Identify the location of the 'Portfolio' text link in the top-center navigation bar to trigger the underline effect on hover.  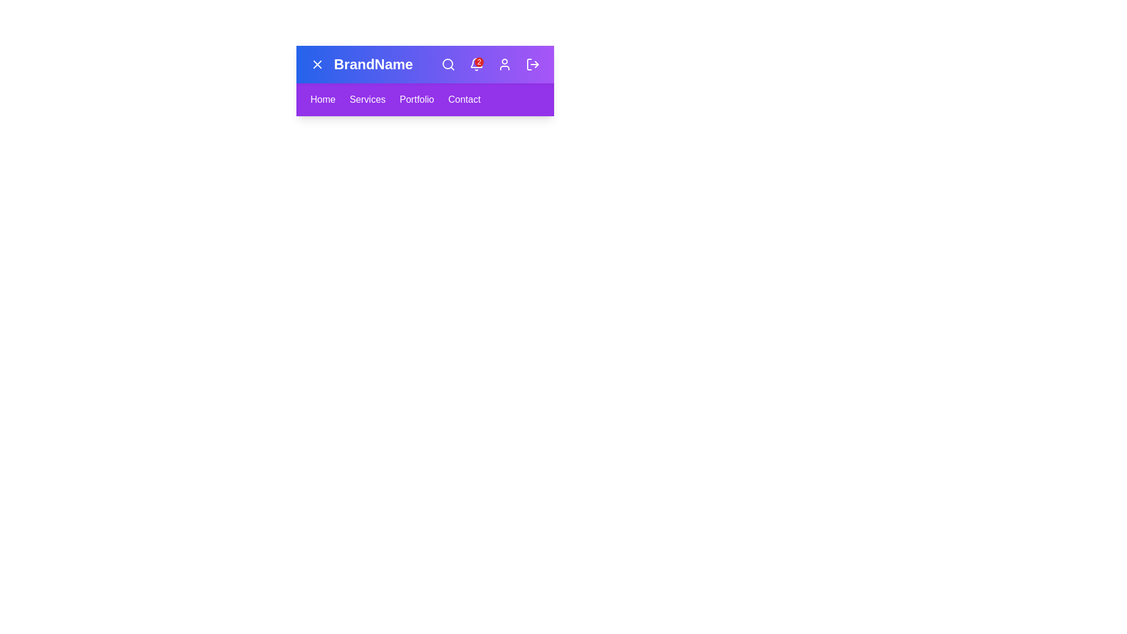
(417, 99).